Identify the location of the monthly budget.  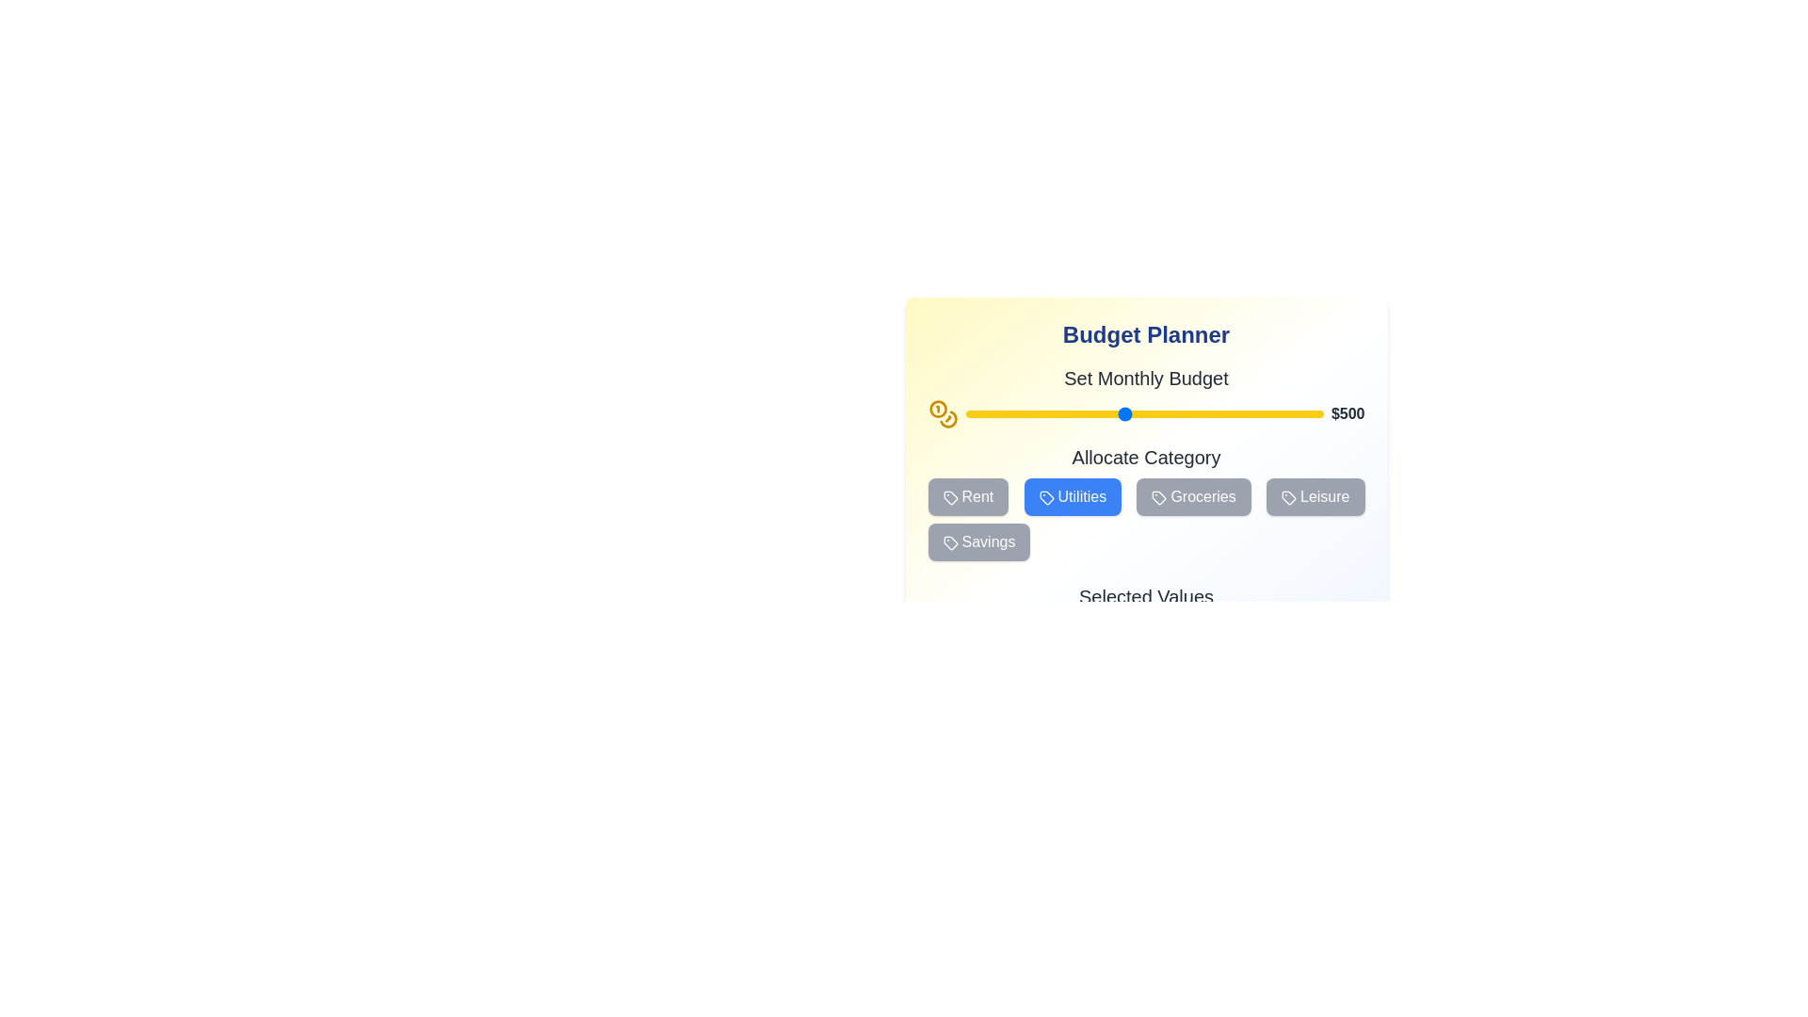
(1041, 412).